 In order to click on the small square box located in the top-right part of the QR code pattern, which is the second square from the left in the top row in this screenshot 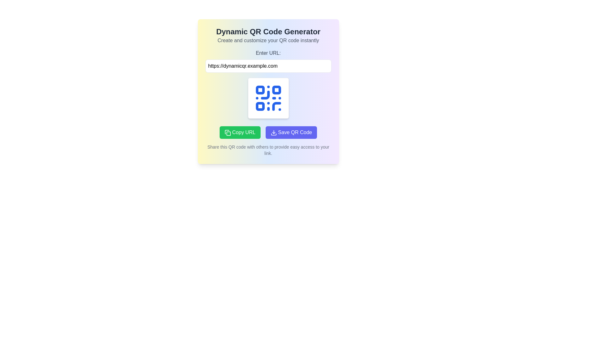, I will do `click(276, 90)`.